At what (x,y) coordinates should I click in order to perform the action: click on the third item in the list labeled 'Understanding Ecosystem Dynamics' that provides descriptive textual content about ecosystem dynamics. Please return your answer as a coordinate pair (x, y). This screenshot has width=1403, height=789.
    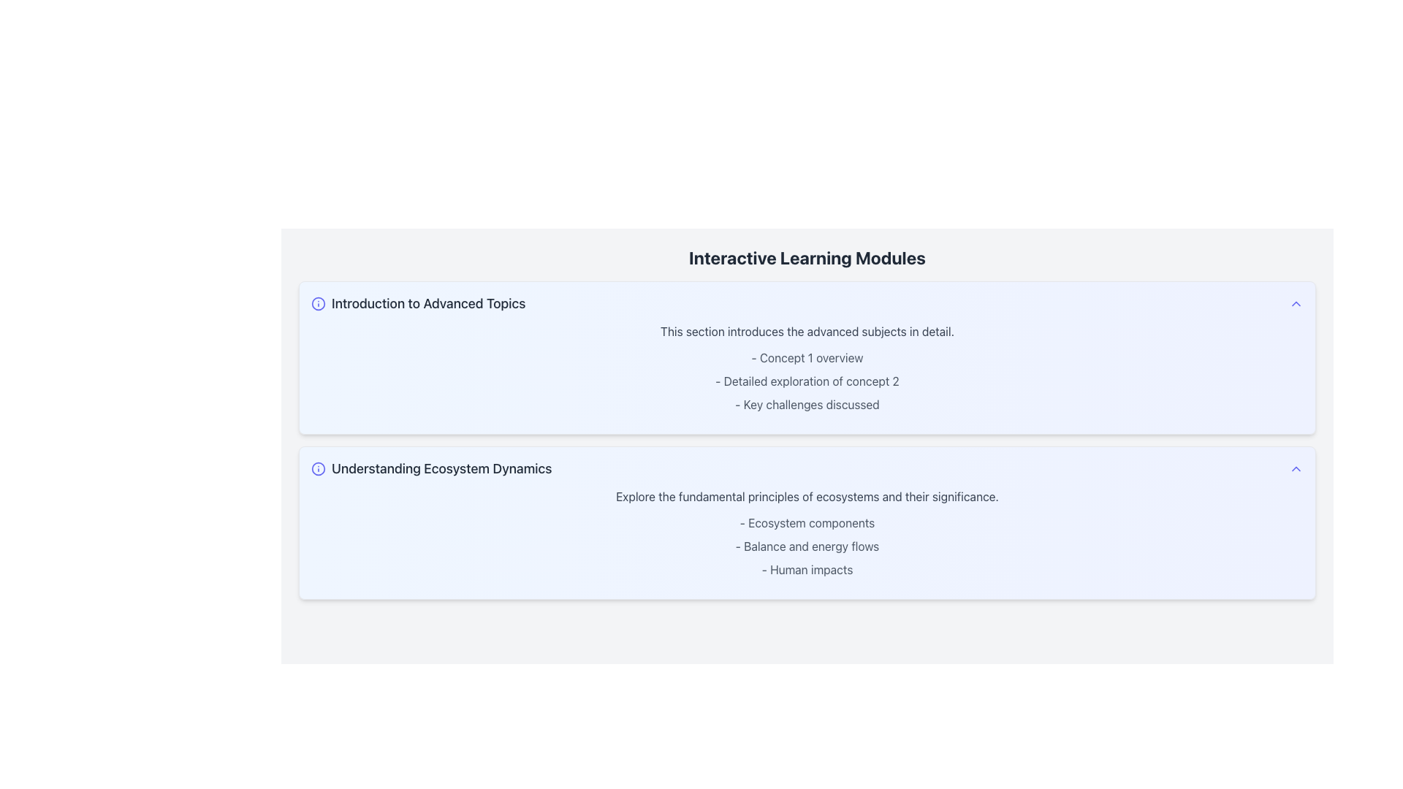
    Looking at the image, I should click on (806, 568).